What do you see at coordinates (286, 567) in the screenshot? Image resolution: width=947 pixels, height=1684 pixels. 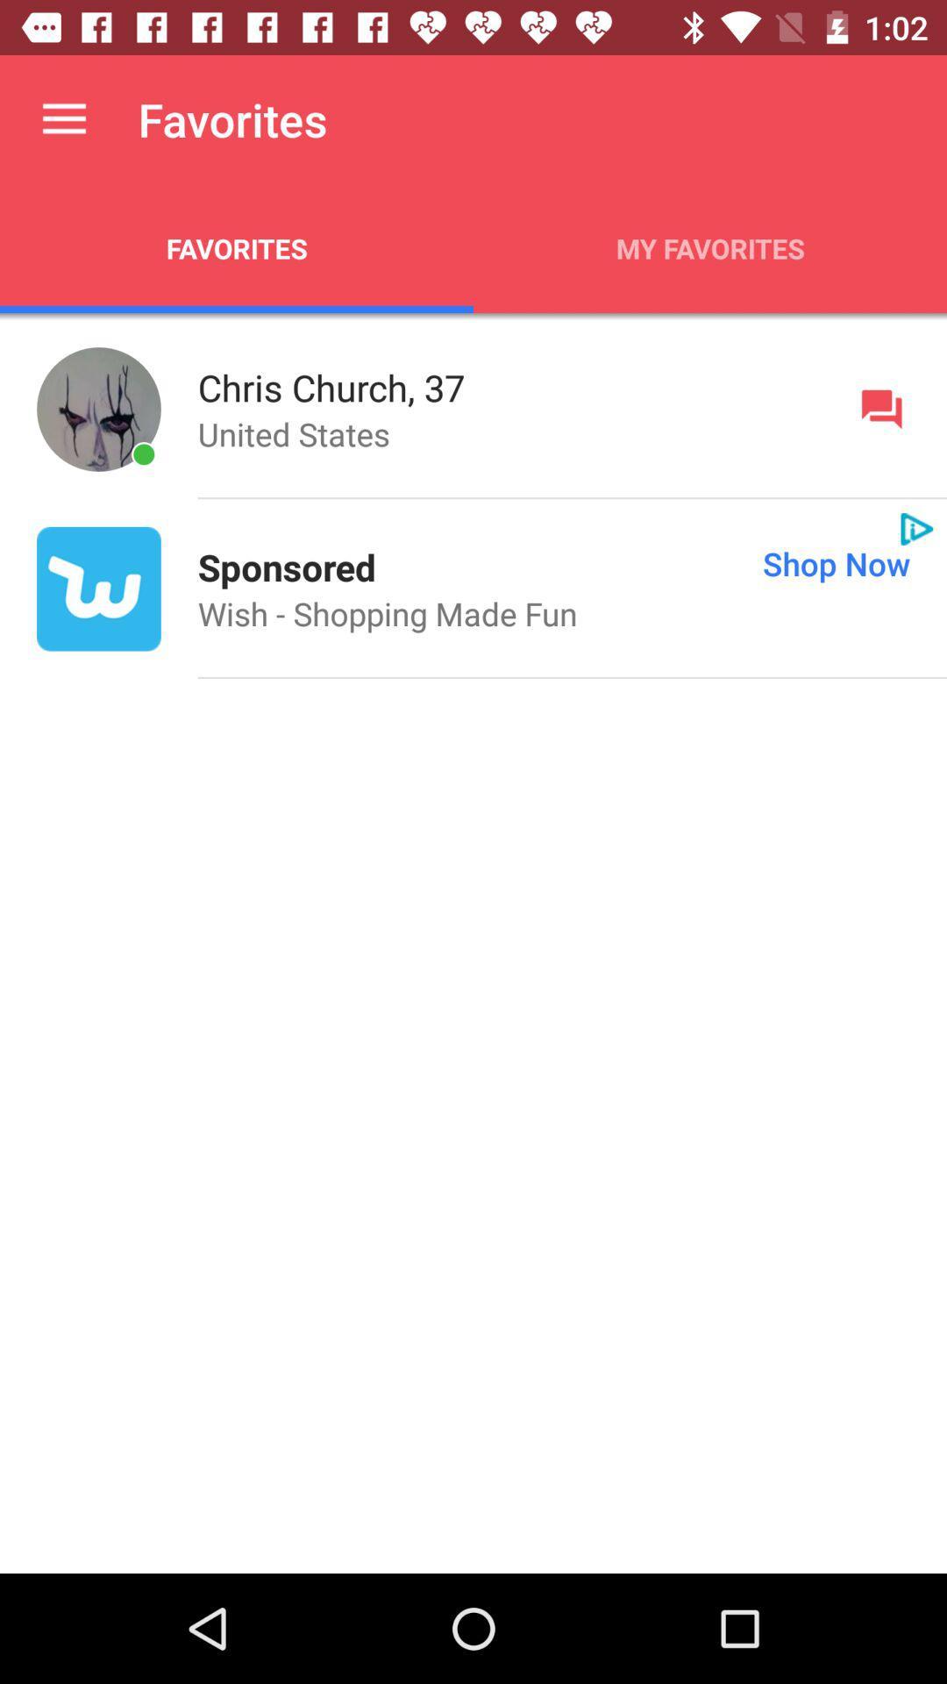 I see `the icon below united states` at bounding box center [286, 567].